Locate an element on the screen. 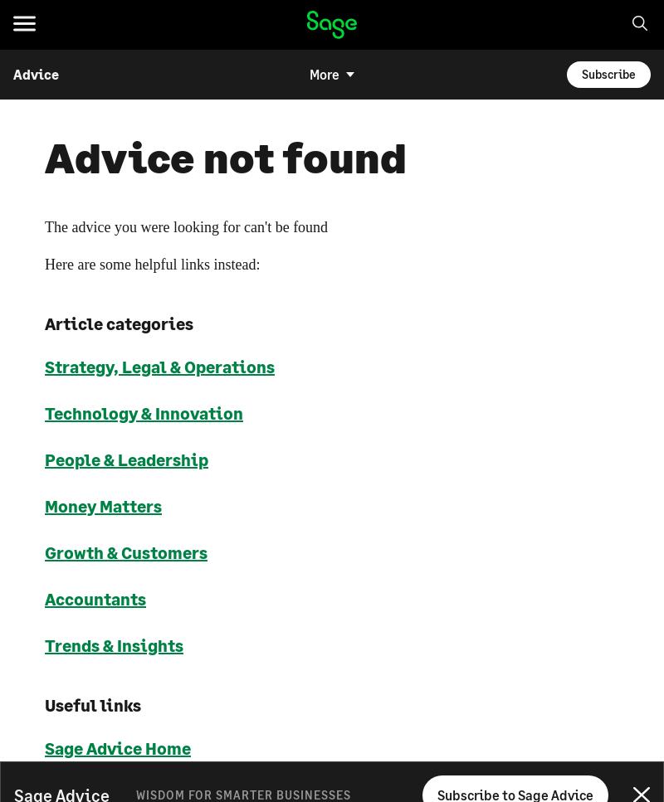 Image resolution: width=664 pixels, height=802 pixels. 'Customers' is located at coordinates (147, 272).